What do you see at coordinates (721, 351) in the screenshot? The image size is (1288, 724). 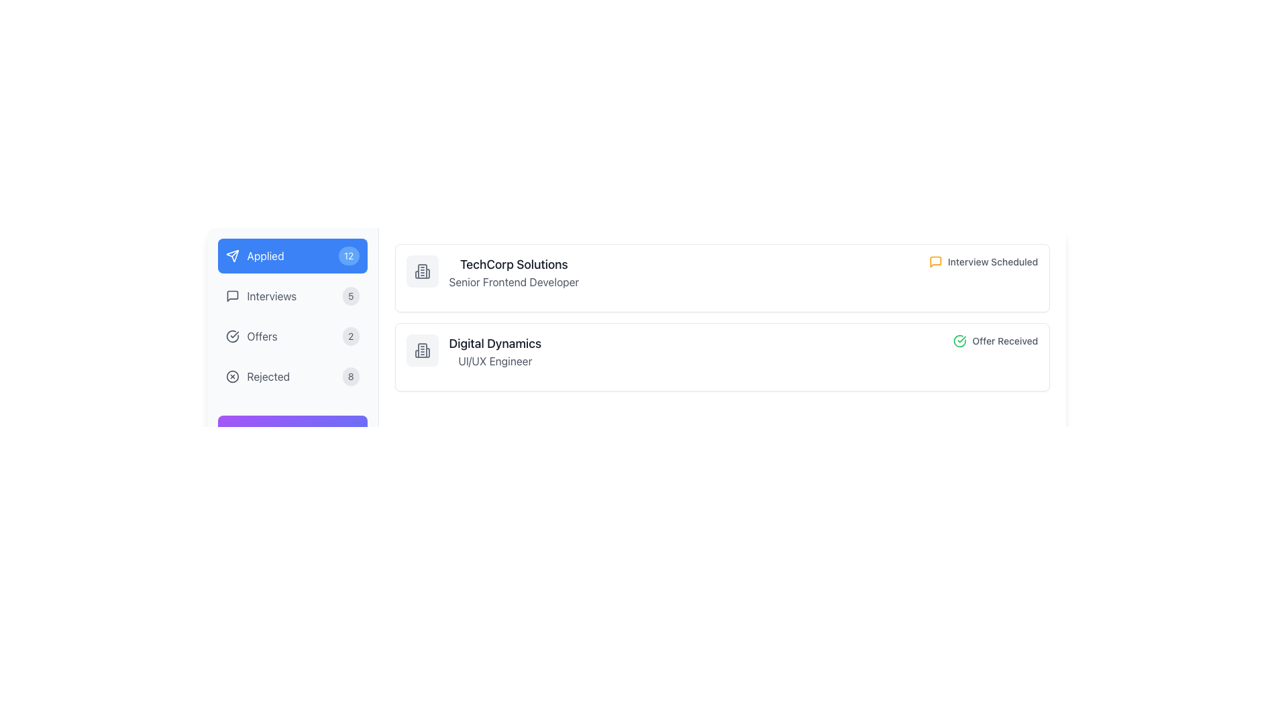 I see `the job application entry for 'Digital Dynamics' (UI/UX Engineer)` at bounding box center [721, 351].